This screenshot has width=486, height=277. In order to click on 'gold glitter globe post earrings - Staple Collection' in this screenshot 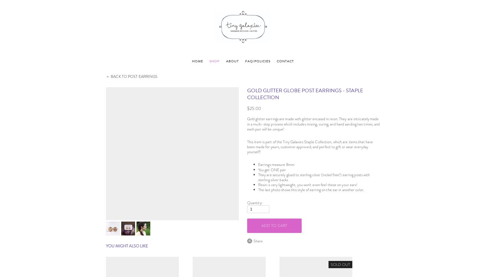, I will do `click(305, 93)`.